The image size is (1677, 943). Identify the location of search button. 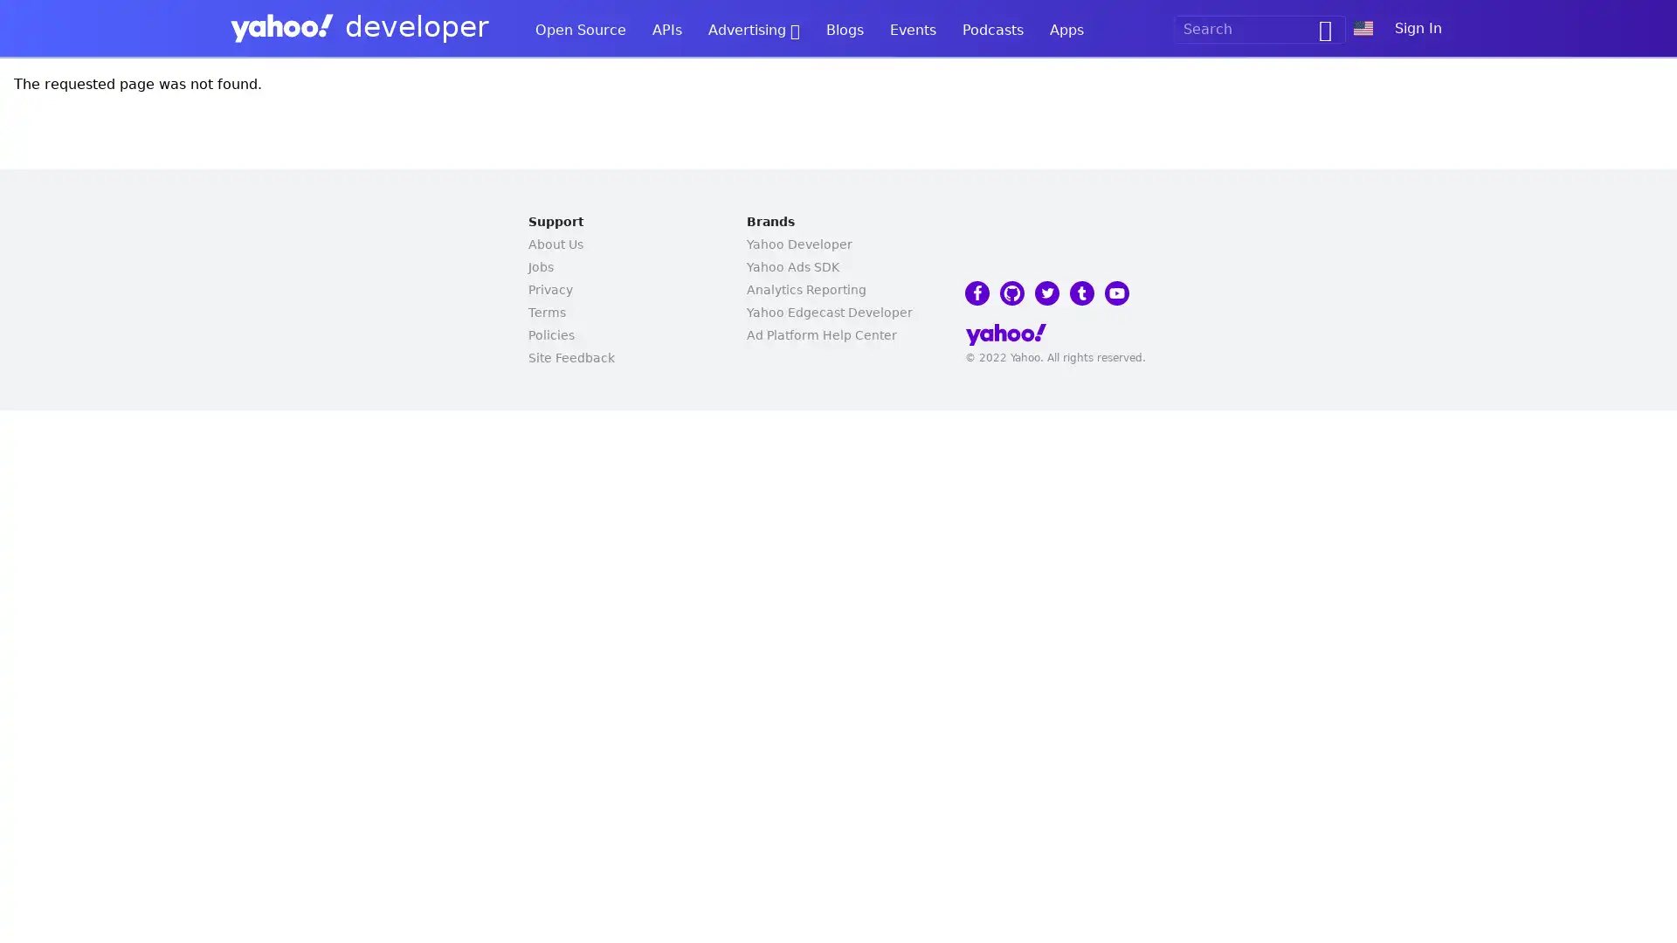
(1318, 30).